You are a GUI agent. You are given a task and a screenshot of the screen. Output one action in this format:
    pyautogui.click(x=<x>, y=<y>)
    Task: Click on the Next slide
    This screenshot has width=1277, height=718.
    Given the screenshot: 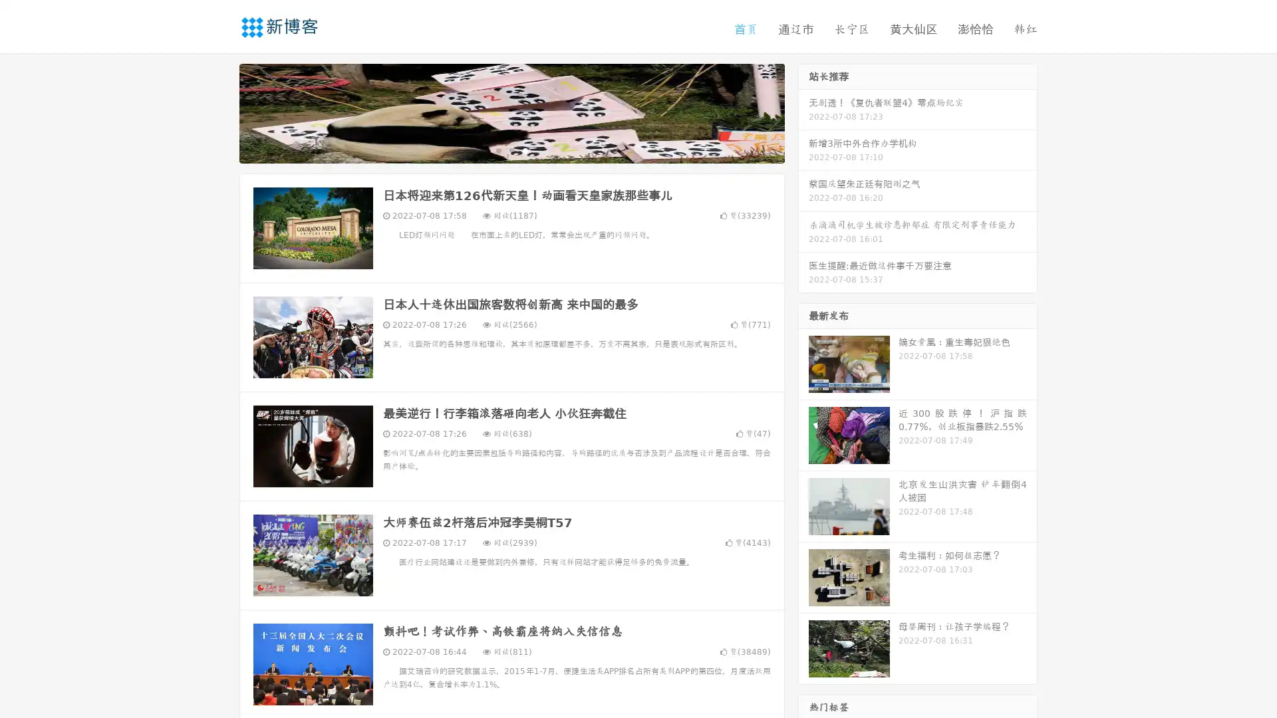 What is the action you would take?
    pyautogui.click(x=803, y=112)
    